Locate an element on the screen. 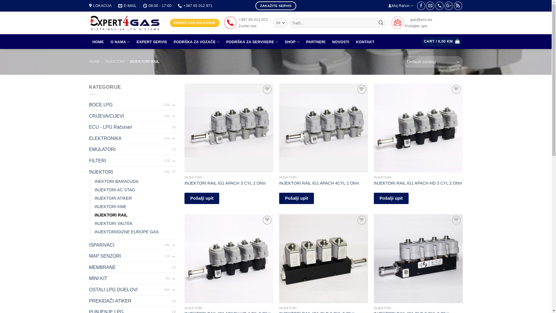  'MINI KIT' is located at coordinates (127, 278).